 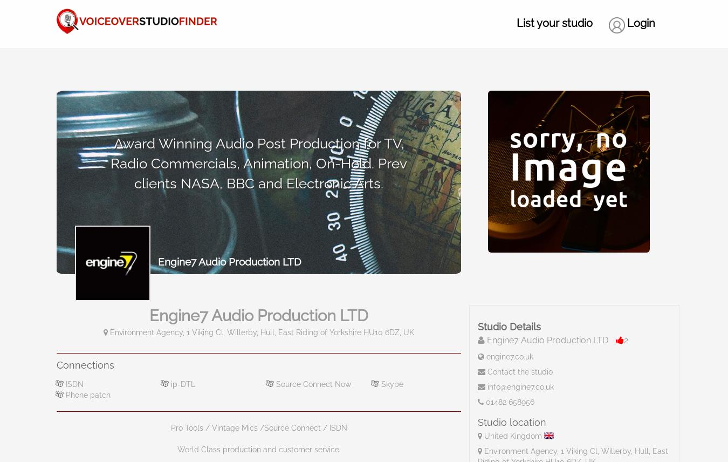 I want to click on 'Source Connect Now', so click(x=312, y=383).